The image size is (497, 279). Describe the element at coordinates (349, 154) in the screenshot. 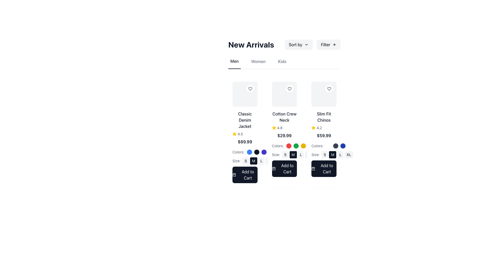

I see `the 'XL' size selection button located in the bottom row of the 'Slim Fit Chinos' product card` at that location.